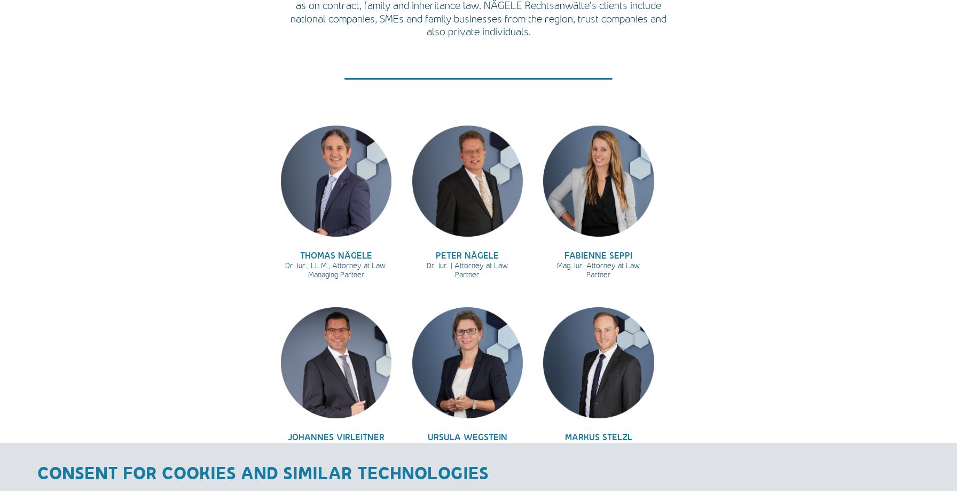 The width and height of the screenshot is (957, 491). Describe the element at coordinates (598, 446) in the screenshot. I see `'Mag. iur., LL.M. (London)'` at that location.